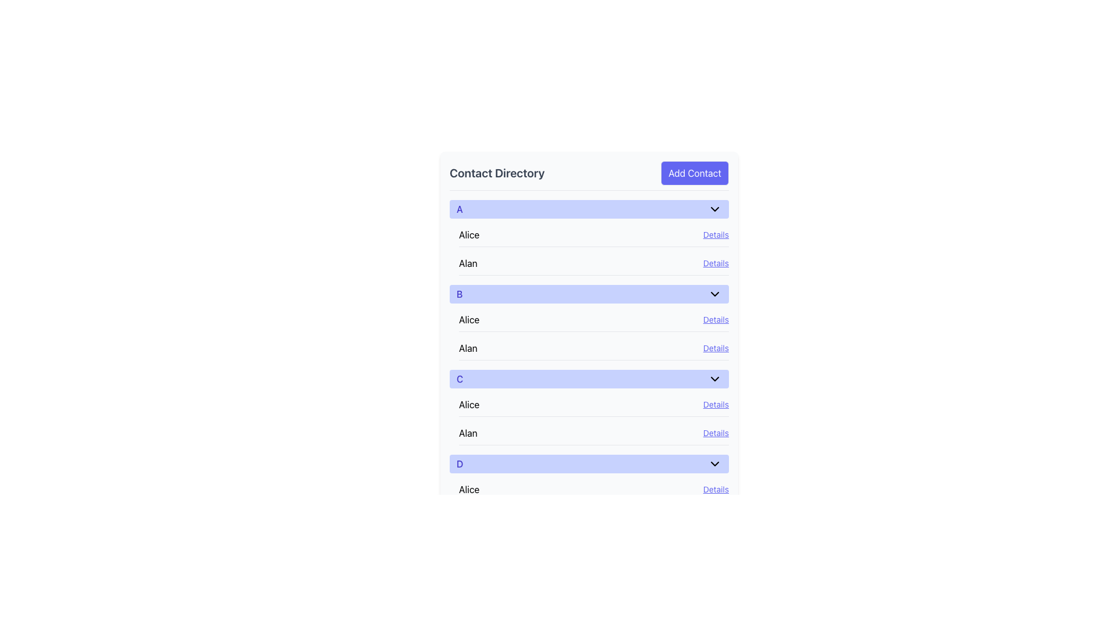 The height and width of the screenshot is (628, 1117). I want to click on the hyperlink associated with 'Alice' located at the right side of its row, so click(714, 404).